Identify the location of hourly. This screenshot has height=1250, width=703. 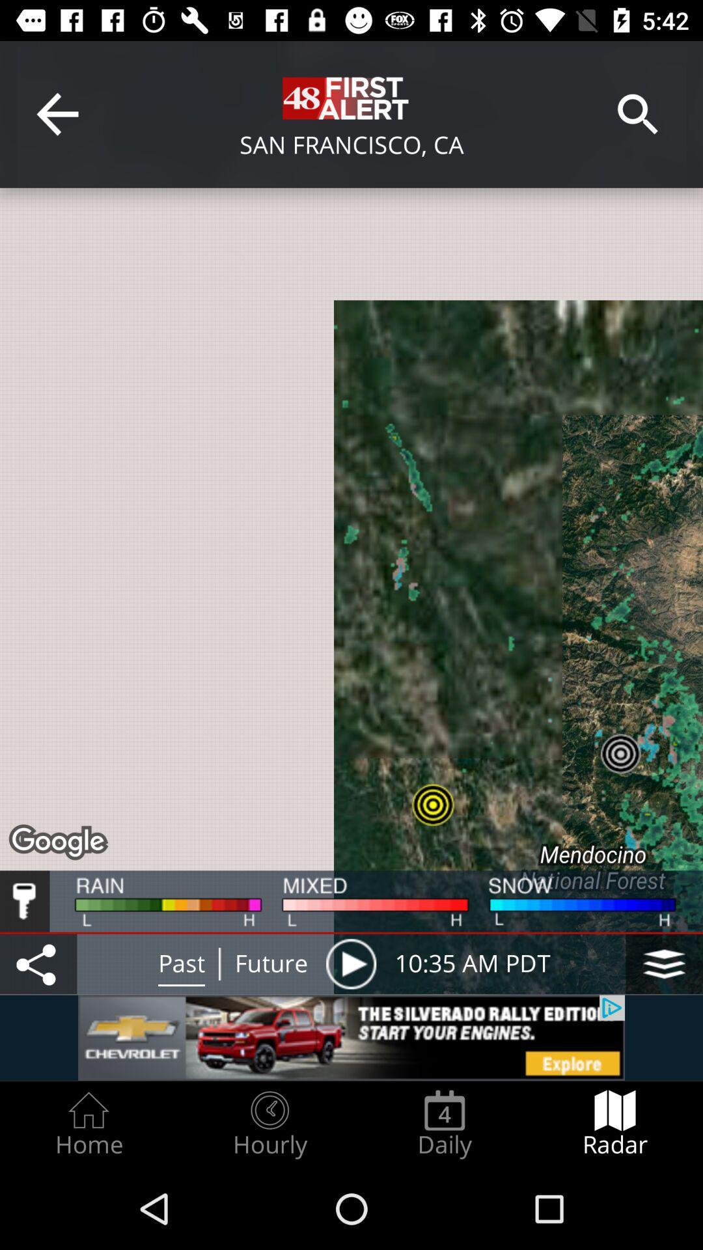
(269, 1124).